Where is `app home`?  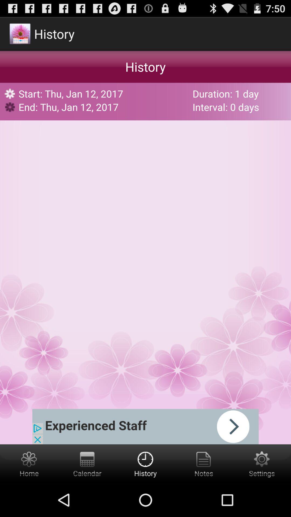
app home is located at coordinates (29, 463).